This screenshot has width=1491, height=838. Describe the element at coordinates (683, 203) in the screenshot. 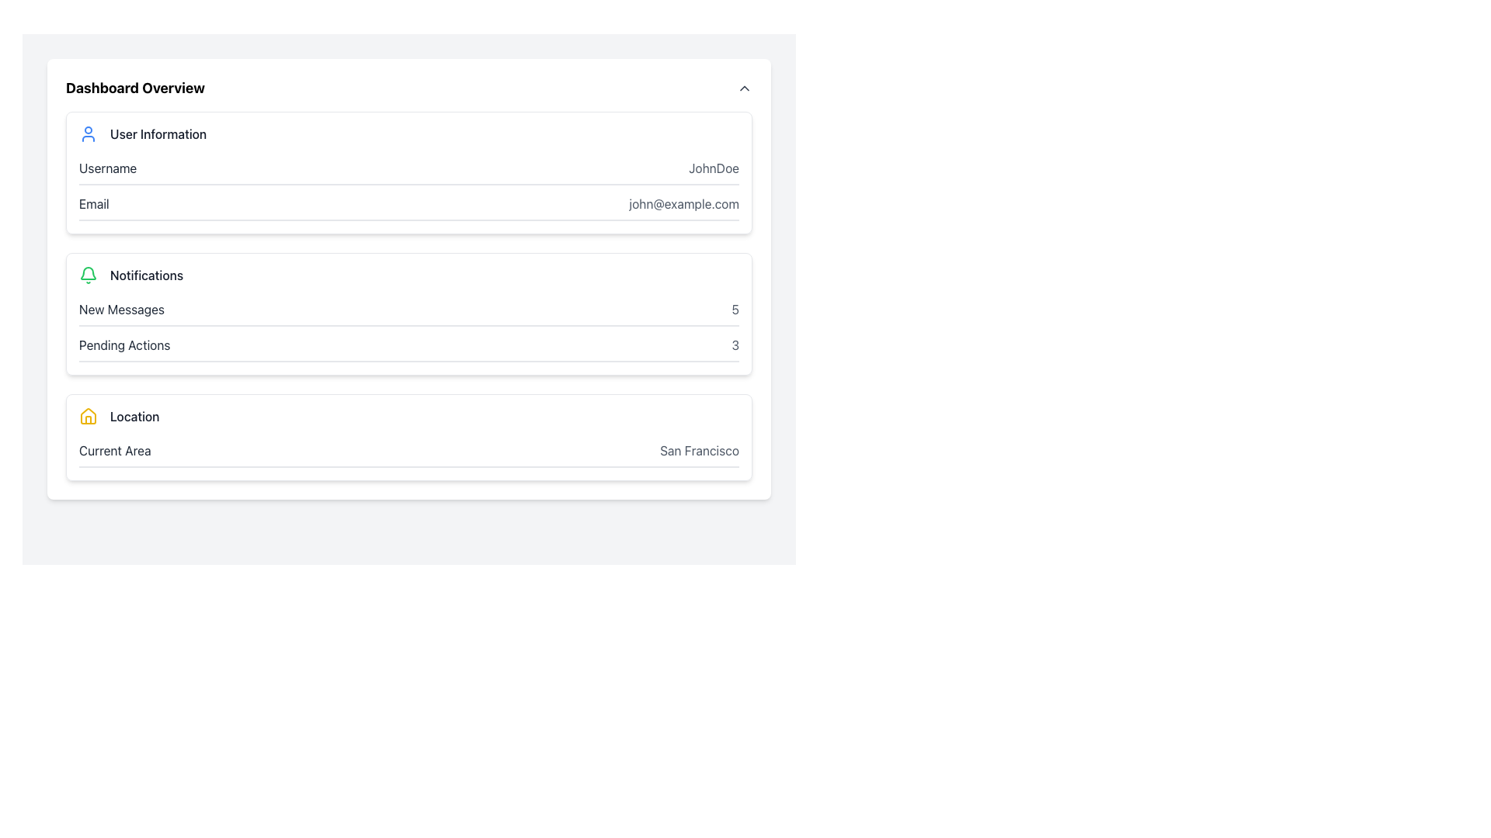

I see `the text label displaying 'john@example.com' that is located under the 'Email' section in the 'User Information' area` at that location.